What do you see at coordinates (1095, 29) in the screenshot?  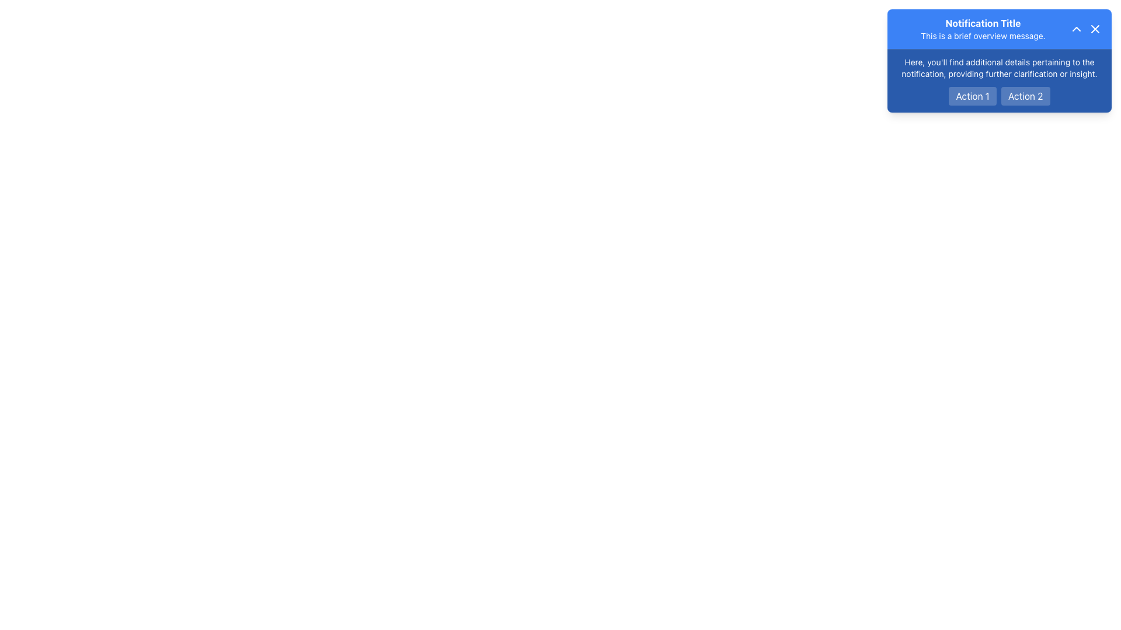 I see `the close button located at the top-right corner of the notification card` at bounding box center [1095, 29].